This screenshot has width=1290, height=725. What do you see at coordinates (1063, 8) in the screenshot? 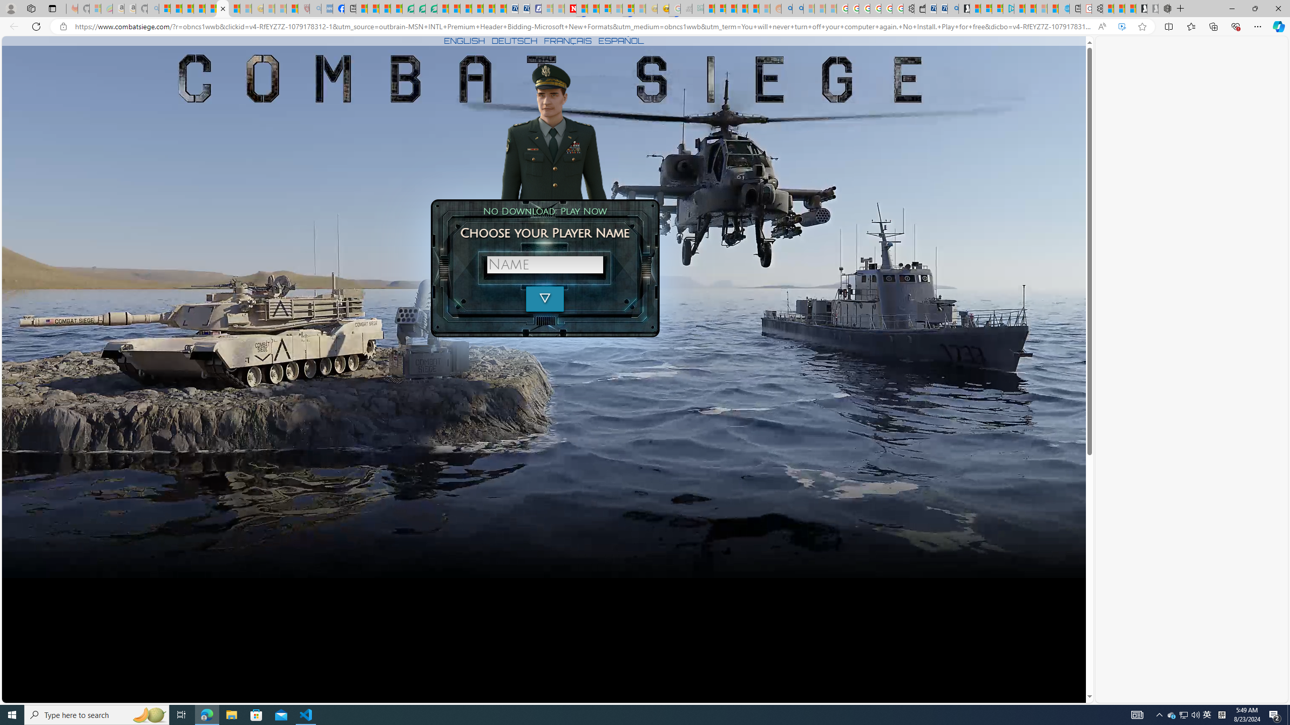
I see `'Home | Sky Blue Bikes - Sky Blue Bikes'` at bounding box center [1063, 8].